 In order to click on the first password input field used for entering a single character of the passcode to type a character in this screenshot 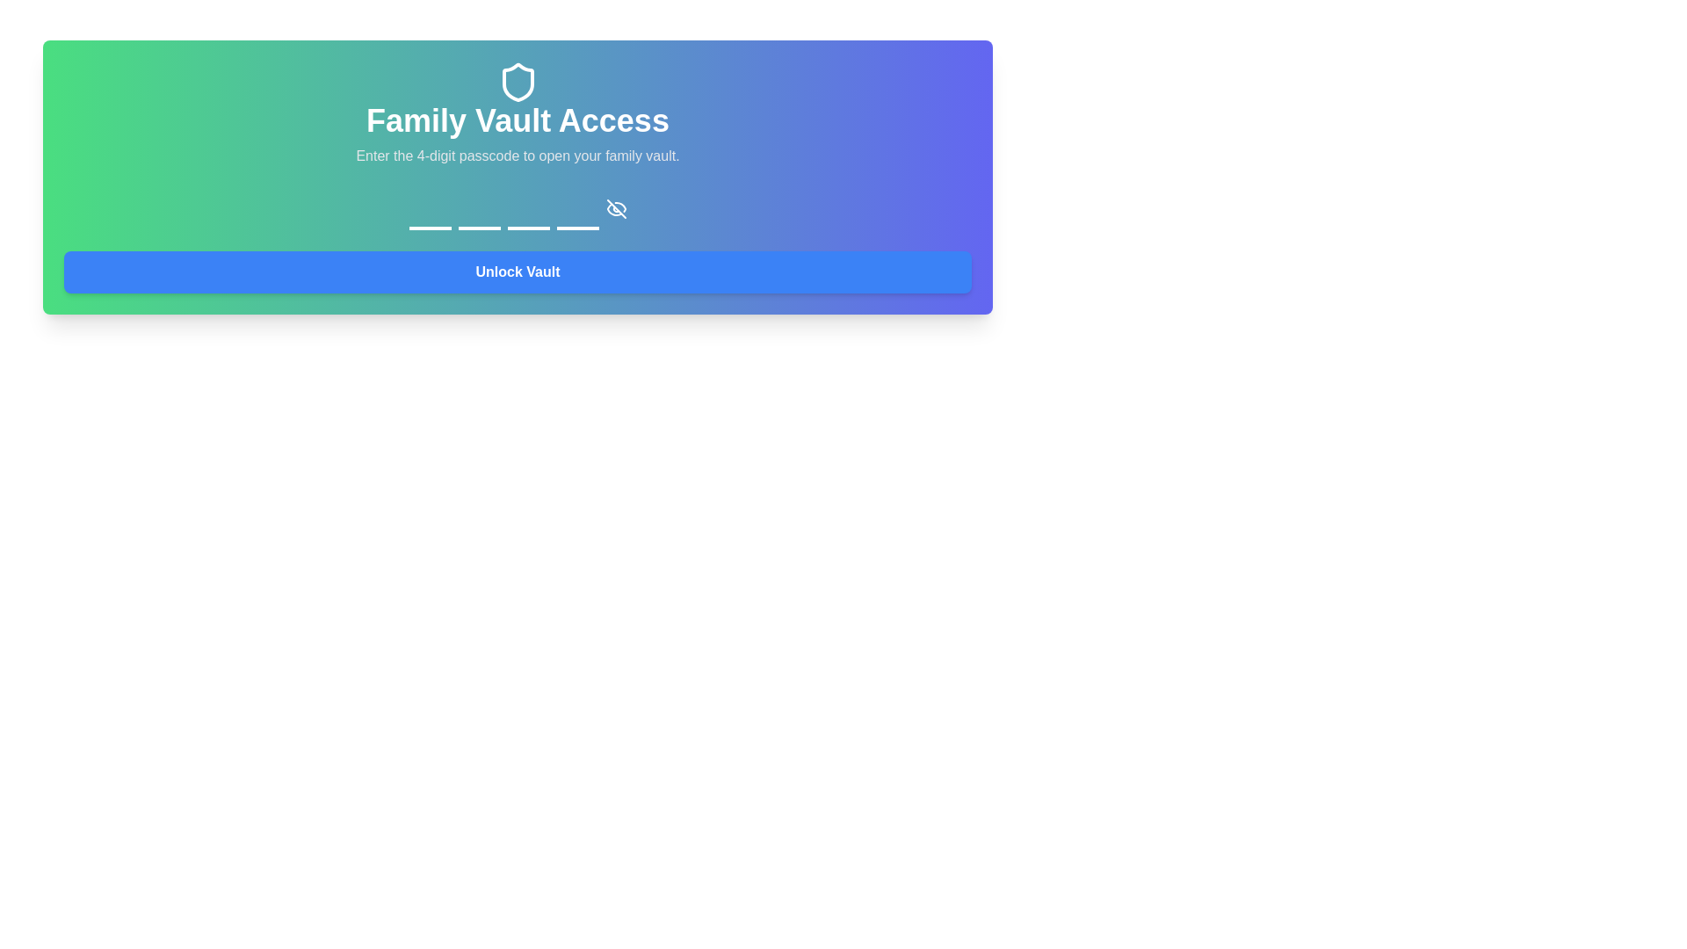, I will do `click(430, 208)`.